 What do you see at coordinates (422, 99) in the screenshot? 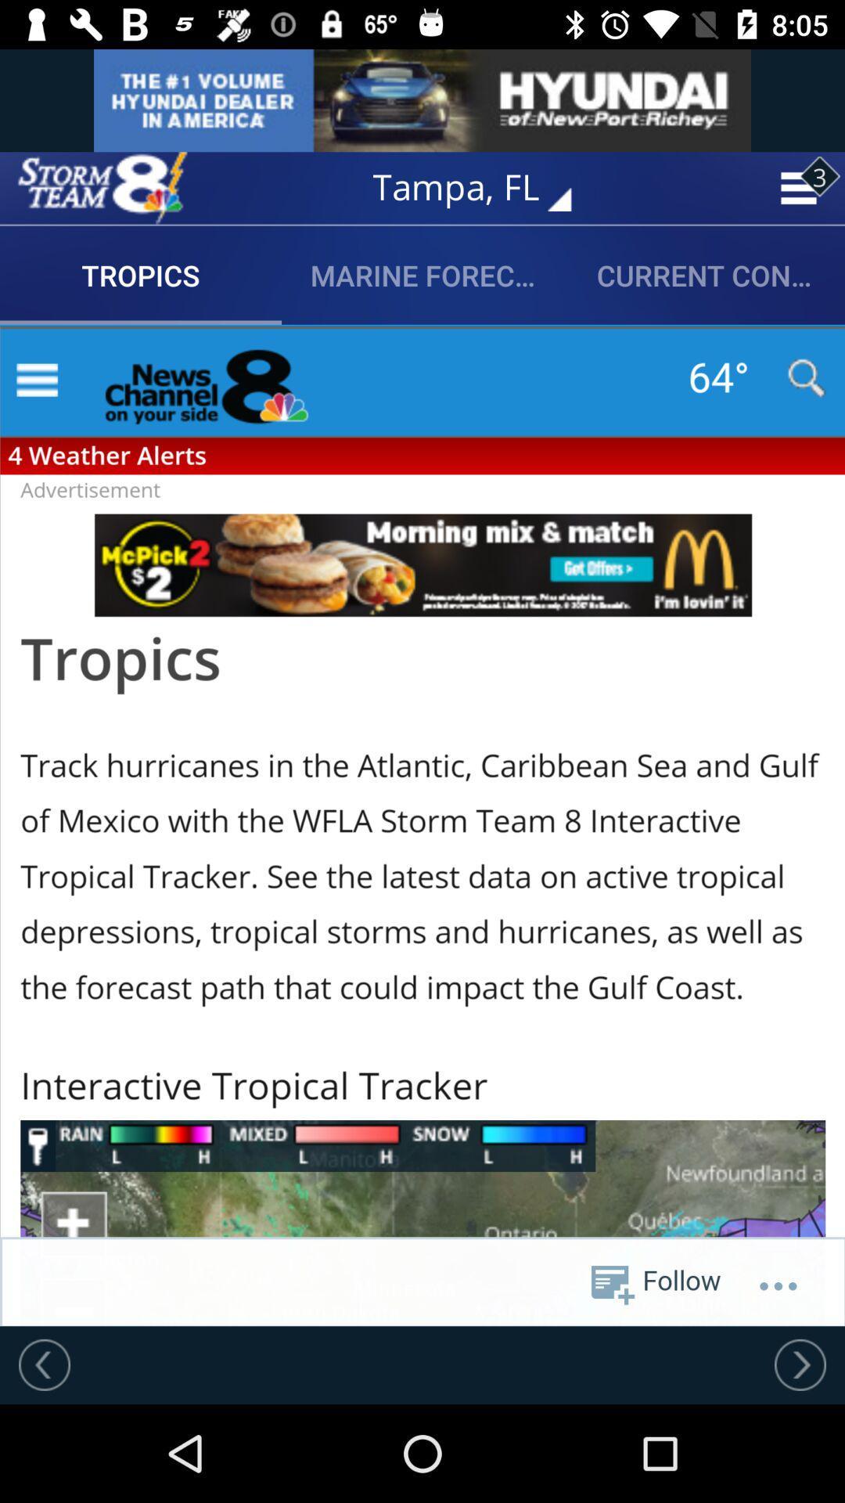
I see `advertisement` at bounding box center [422, 99].